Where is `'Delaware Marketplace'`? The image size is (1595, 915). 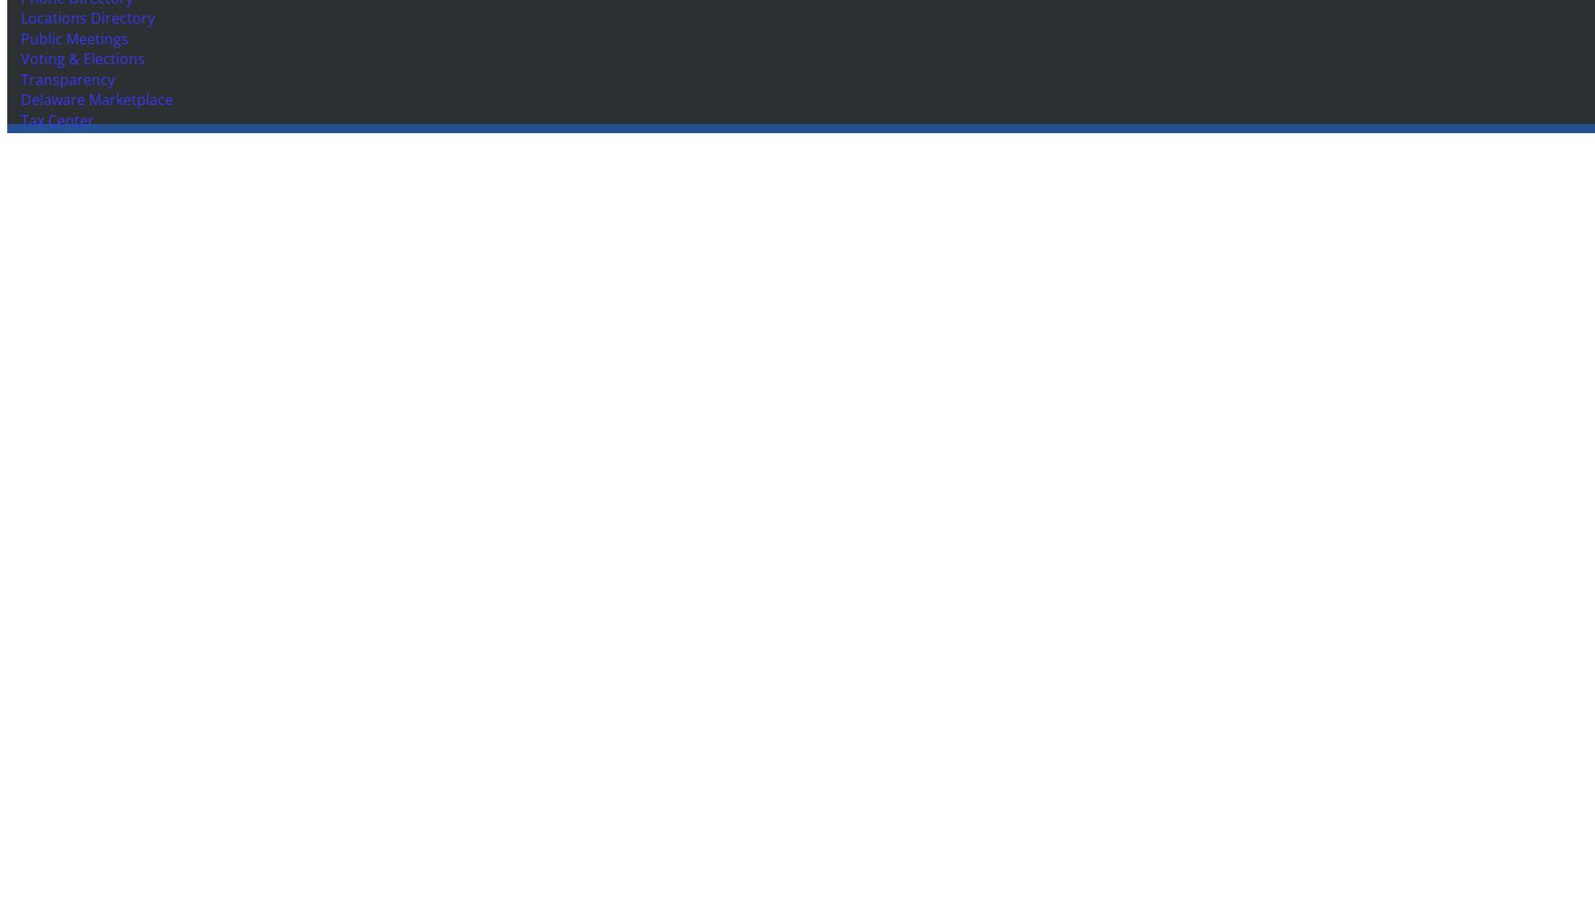 'Delaware Marketplace' is located at coordinates (21, 98).